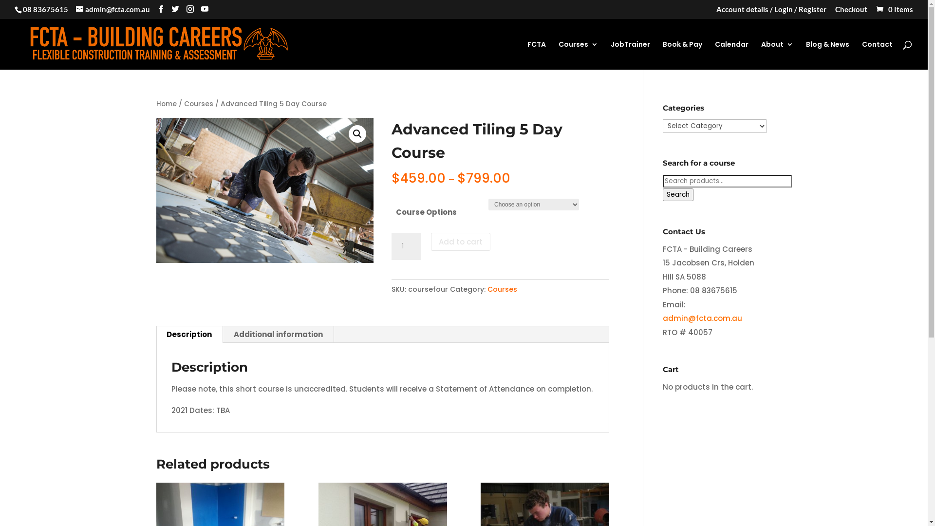 Image resolution: width=935 pixels, height=526 pixels. What do you see at coordinates (771, 12) in the screenshot?
I see `'Account details / Login / Register'` at bounding box center [771, 12].